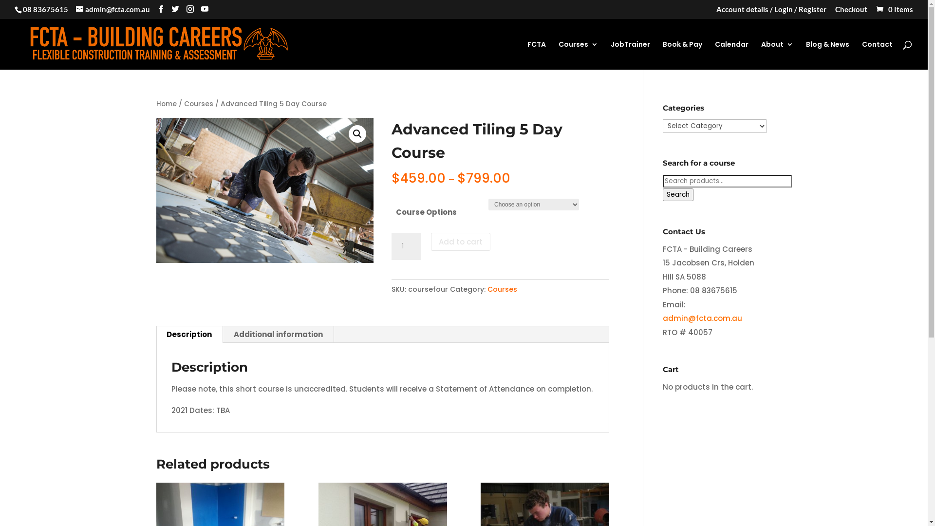 Image resolution: width=935 pixels, height=526 pixels. What do you see at coordinates (771, 12) in the screenshot?
I see `'Account details / Login / Register'` at bounding box center [771, 12].